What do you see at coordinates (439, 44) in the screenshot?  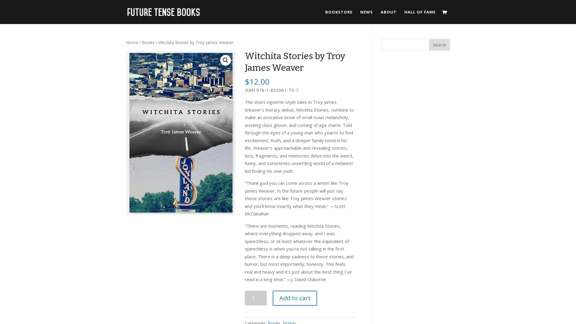 I see `Search` at bounding box center [439, 44].